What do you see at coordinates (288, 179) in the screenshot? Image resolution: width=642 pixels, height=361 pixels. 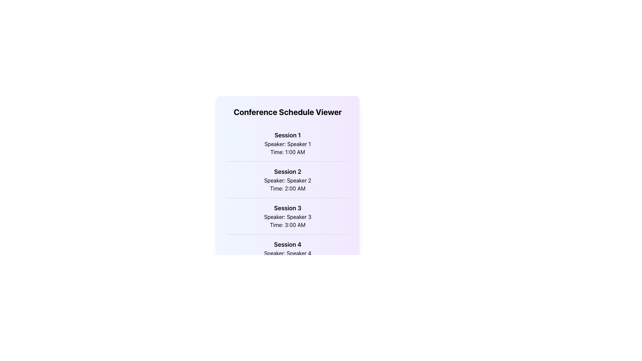 I see `the text block displaying 'Session 2', 'Speaker: Speaker 2', and 'Time: 2:00 AM' to interact with the session details` at bounding box center [288, 179].